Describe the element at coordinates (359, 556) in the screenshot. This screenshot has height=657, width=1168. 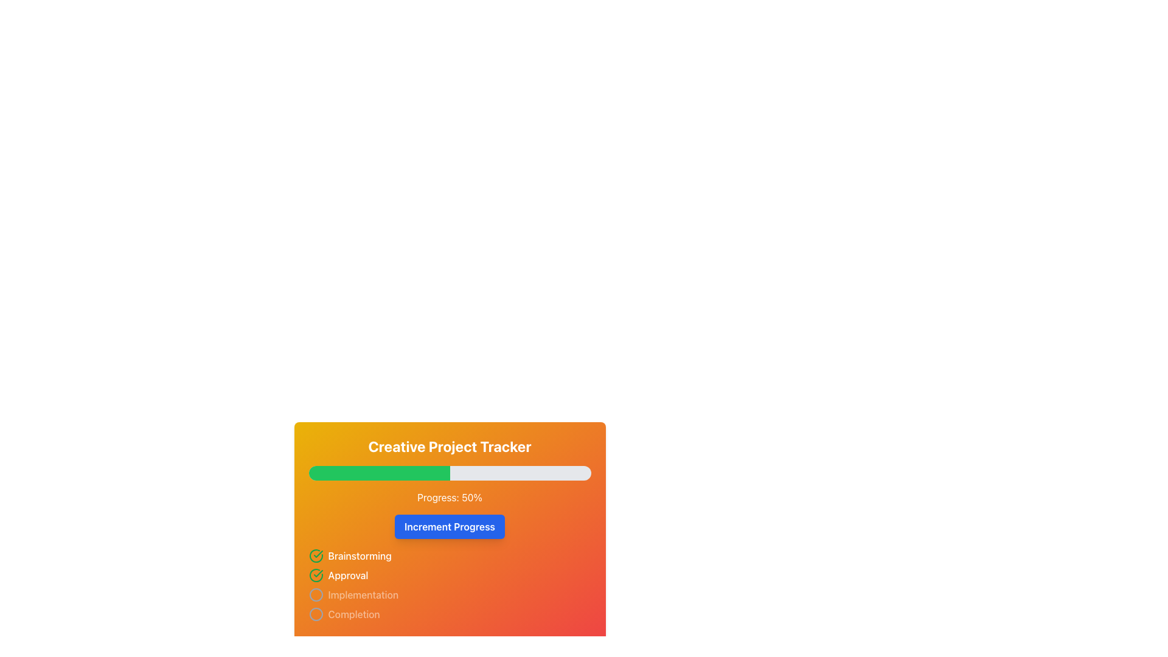
I see `the 'Brainstorming' phase text label in the project tracker checklist, which is the first list item aligned with a green checkmark icon` at that location.